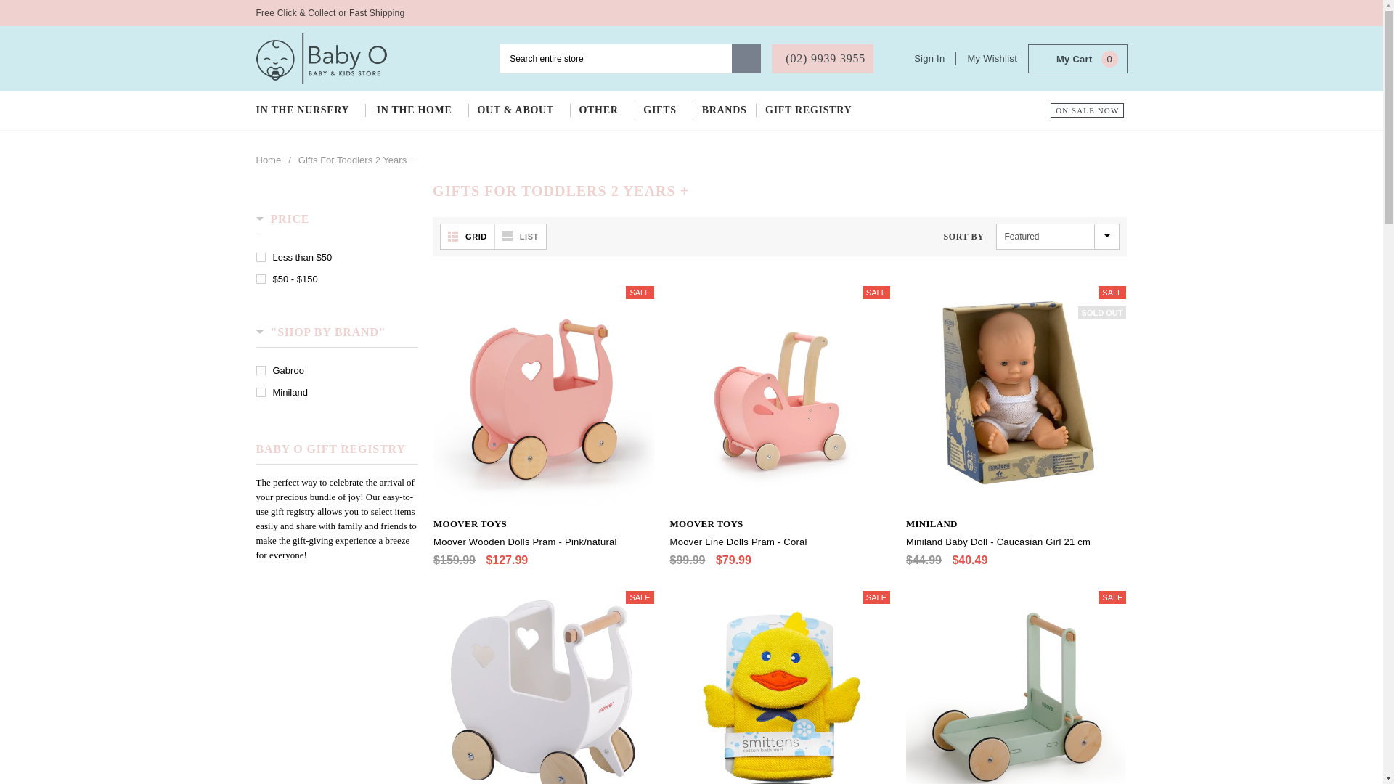 This screenshot has height=784, width=1394. I want to click on 'GIFTS', so click(662, 110).